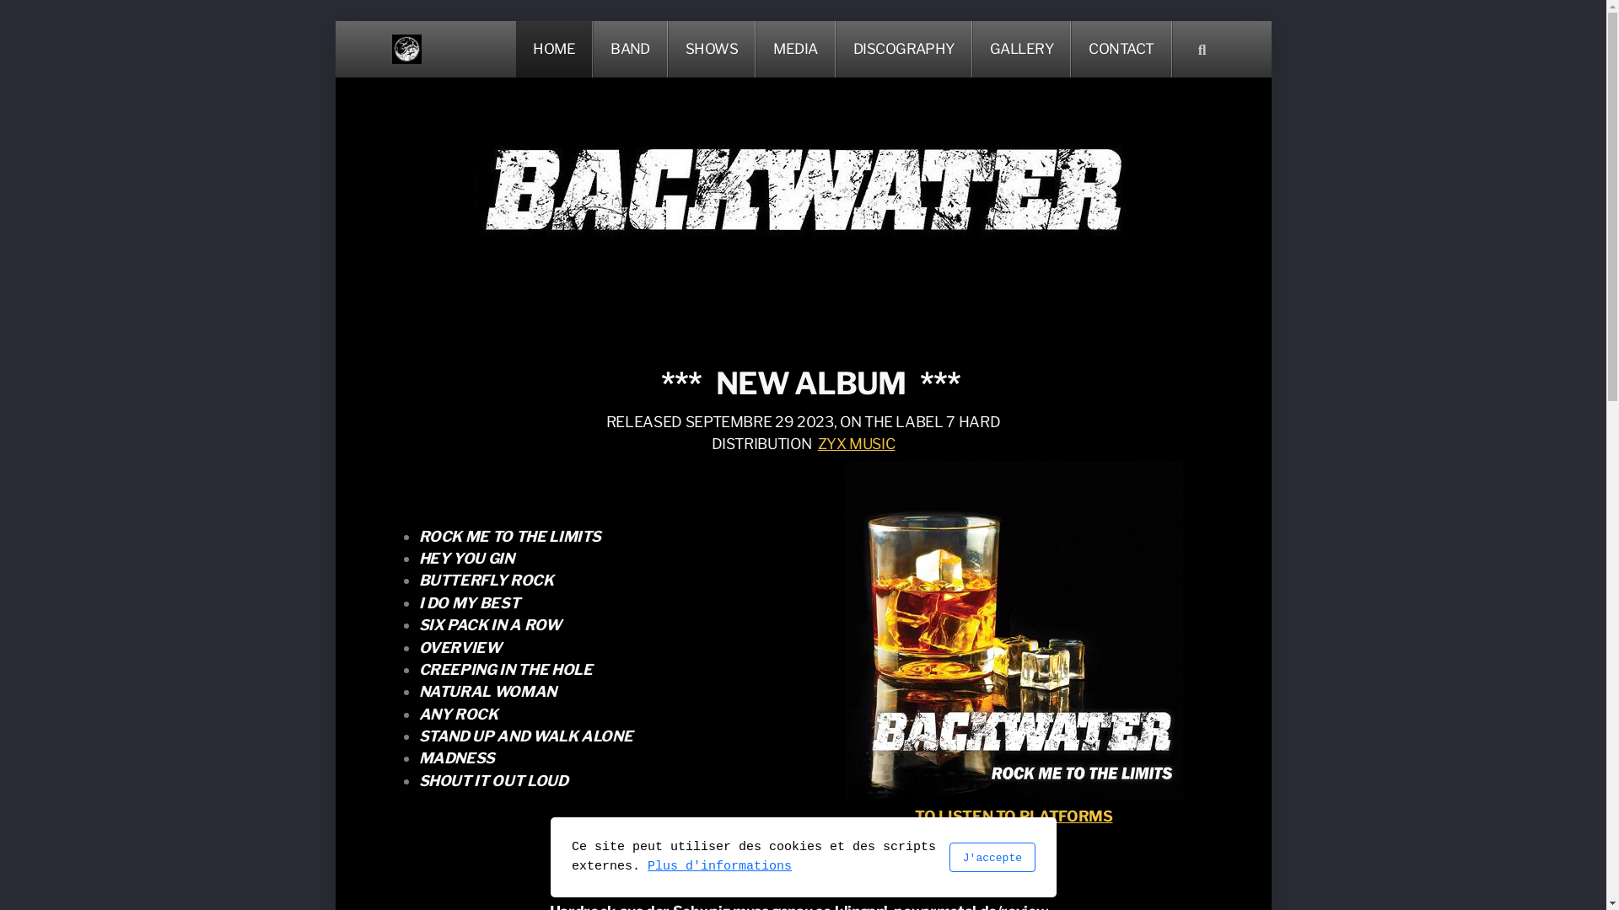 This screenshot has height=910, width=1619. What do you see at coordinates (554, 48) in the screenshot?
I see `'HOME'` at bounding box center [554, 48].